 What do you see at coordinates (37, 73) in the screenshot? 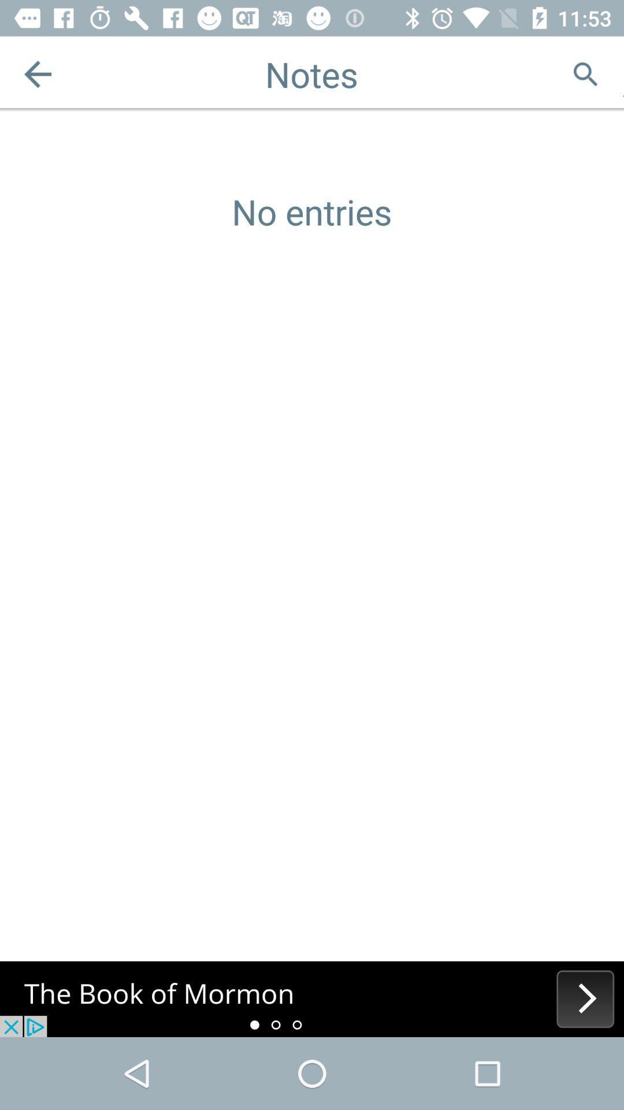
I see `previous page` at bounding box center [37, 73].